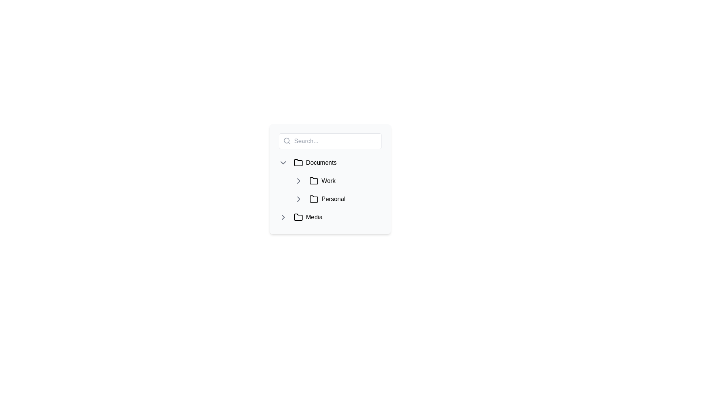 The image size is (728, 409). I want to click on the text label displaying 'Work', so click(328, 181).